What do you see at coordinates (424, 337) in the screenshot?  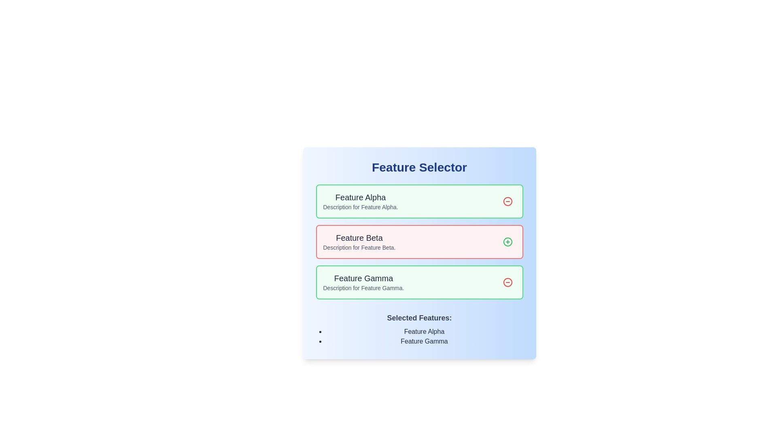 I see `listed items from the display component in the 'Selected Features:' section, which contains 'Feature Alpha' and 'Feature Gamma'` at bounding box center [424, 337].